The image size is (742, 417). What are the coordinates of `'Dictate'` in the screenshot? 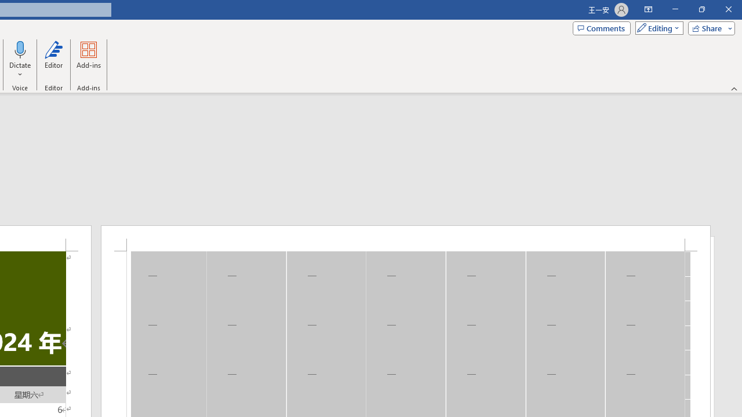 It's located at (20, 60).